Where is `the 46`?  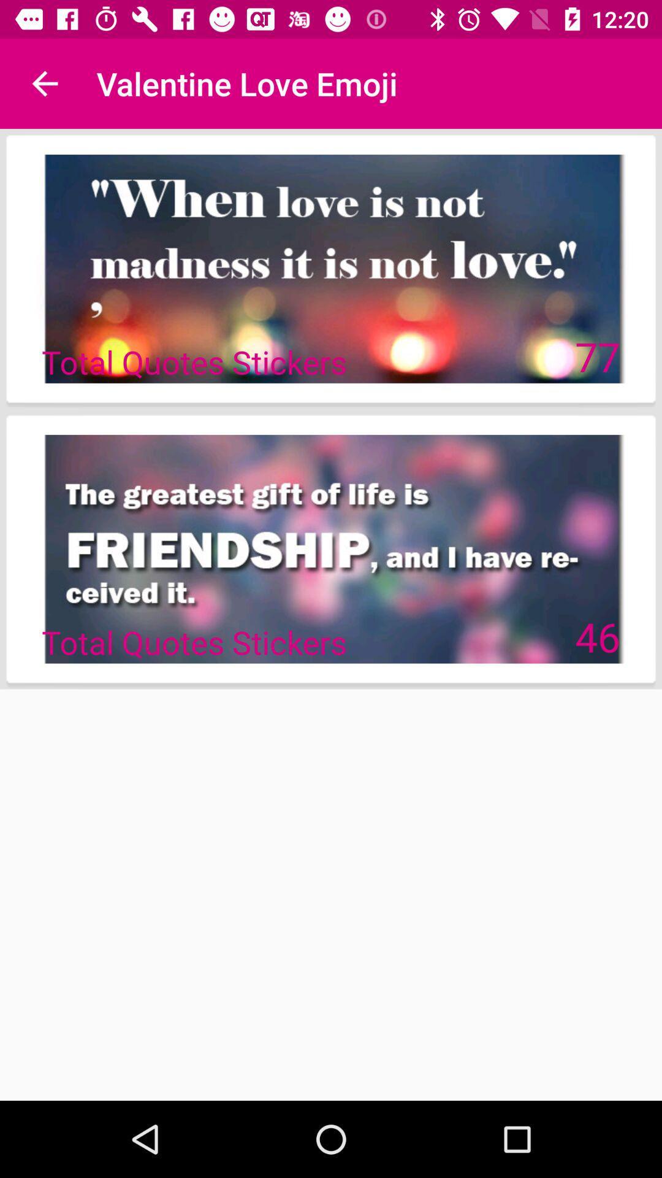 the 46 is located at coordinates (597, 636).